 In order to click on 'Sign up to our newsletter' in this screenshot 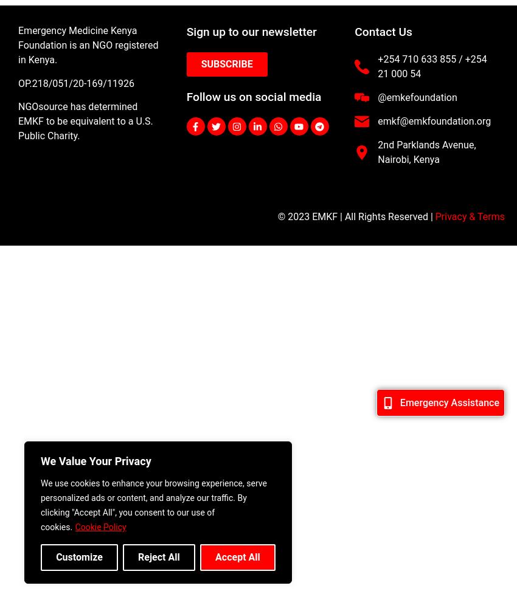, I will do `click(251, 32)`.